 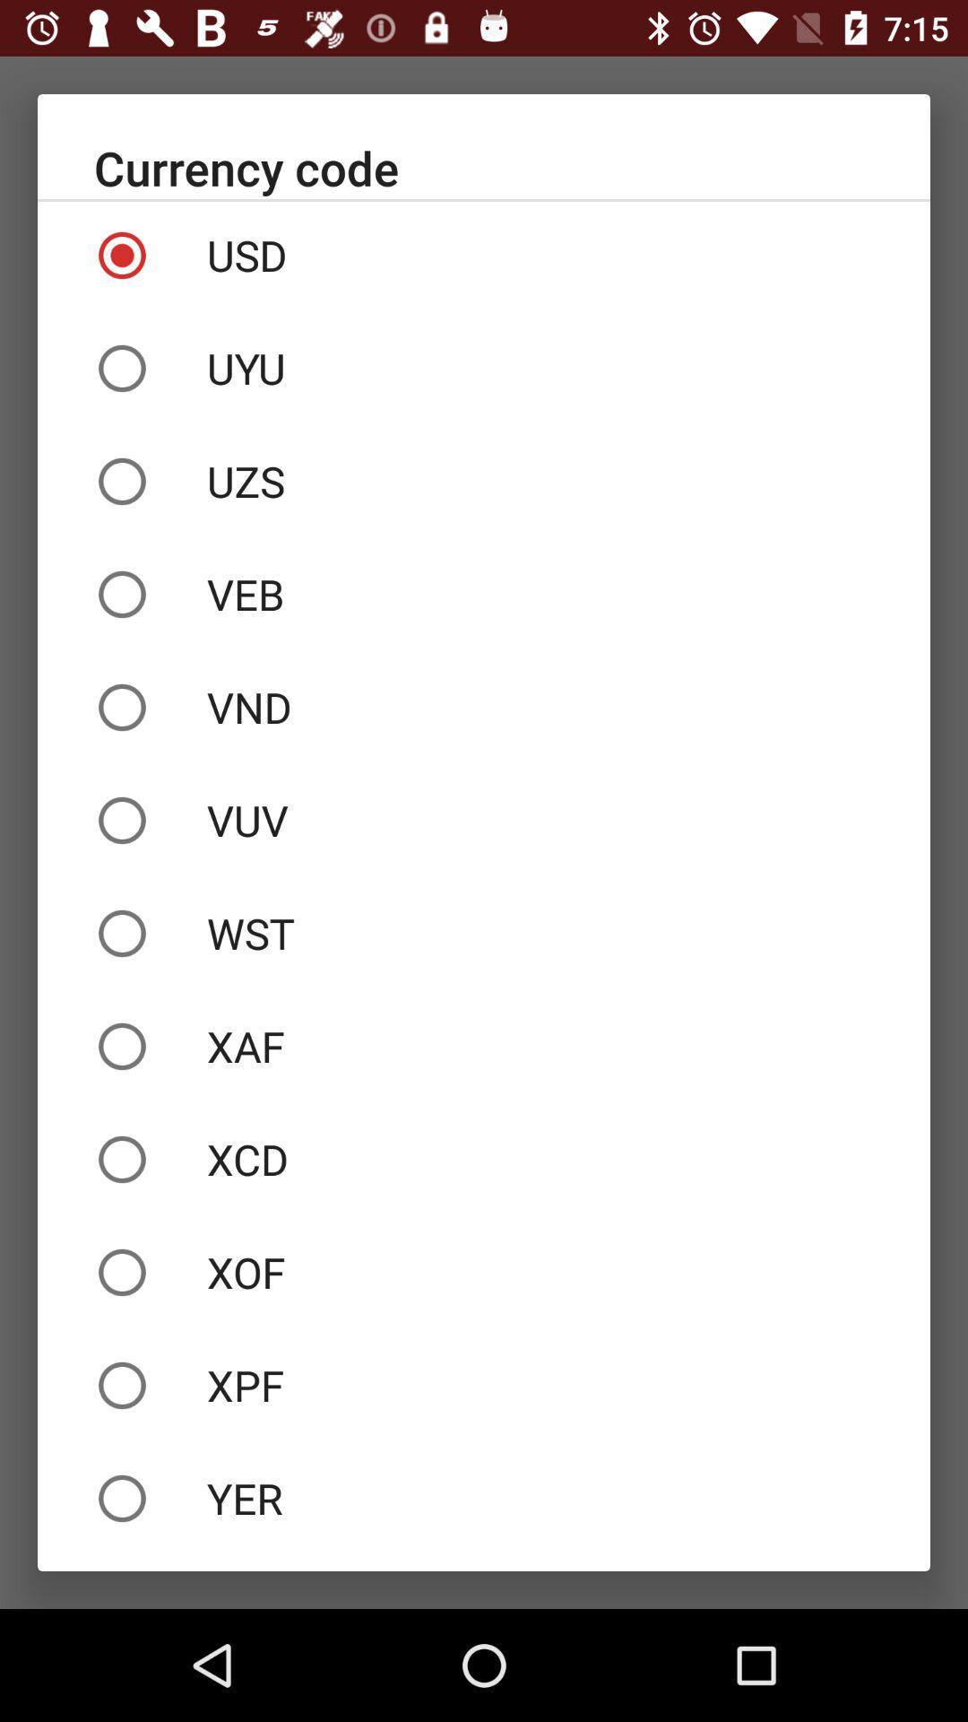 What do you see at coordinates (484, 933) in the screenshot?
I see `wst item` at bounding box center [484, 933].